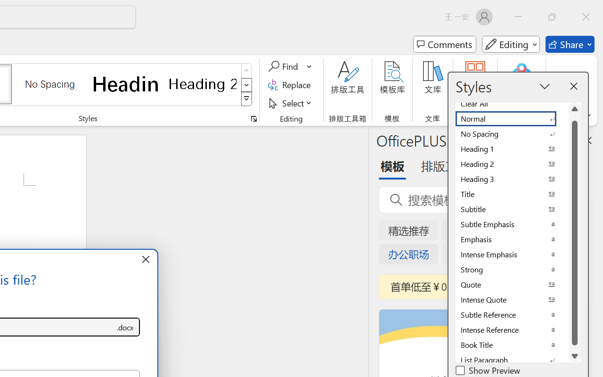  I want to click on 'Heading 2', so click(202, 83).